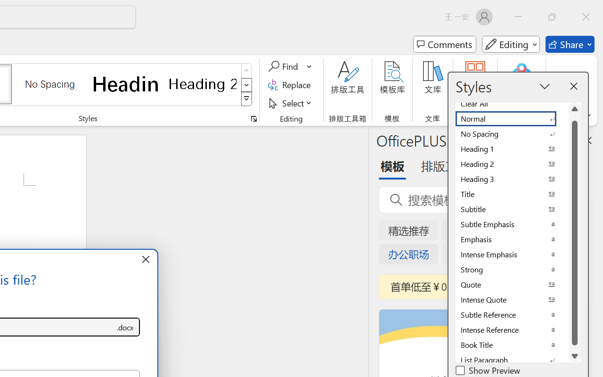  I want to click on 'Heading 2', so click(202, 83).